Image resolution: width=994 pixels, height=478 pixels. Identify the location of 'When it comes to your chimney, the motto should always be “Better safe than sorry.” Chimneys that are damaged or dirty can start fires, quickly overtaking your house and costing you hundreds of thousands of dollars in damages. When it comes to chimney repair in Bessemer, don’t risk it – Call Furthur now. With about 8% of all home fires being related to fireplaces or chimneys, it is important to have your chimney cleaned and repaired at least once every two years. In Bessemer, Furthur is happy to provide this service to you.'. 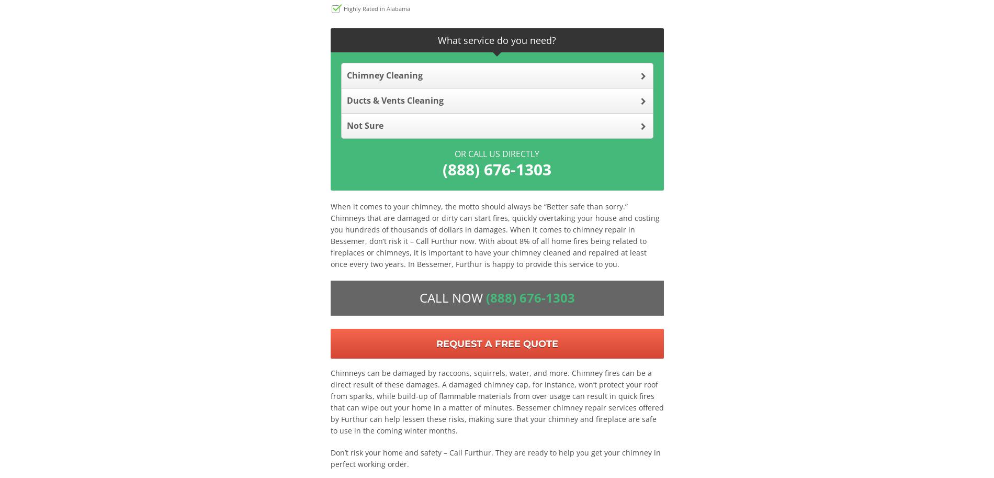
(494, 235).